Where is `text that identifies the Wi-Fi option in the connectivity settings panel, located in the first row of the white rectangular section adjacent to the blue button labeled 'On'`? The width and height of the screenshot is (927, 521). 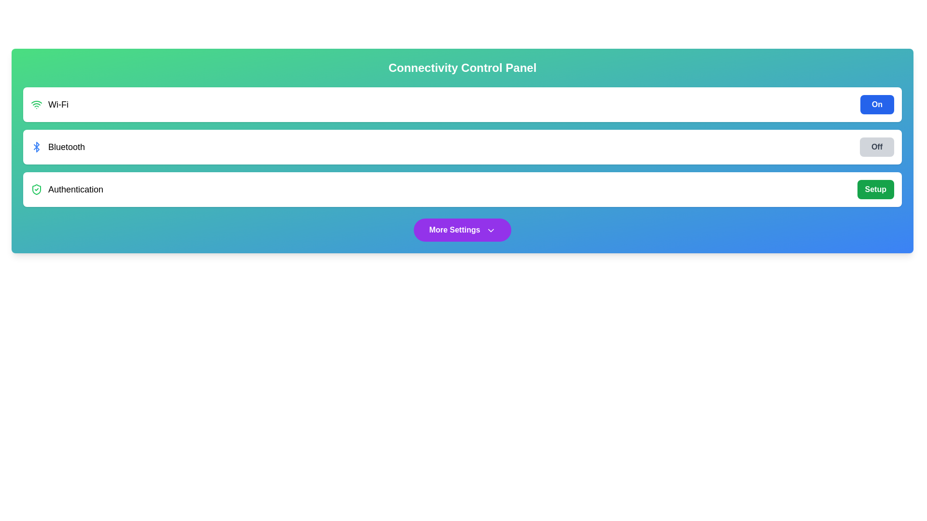
text that identifies the Wi-Fi option in the connectivity settings panel, located in the first row of the white rectangular section adjacent to the blue button labeled 'On' is located at coordinates (49, 104).